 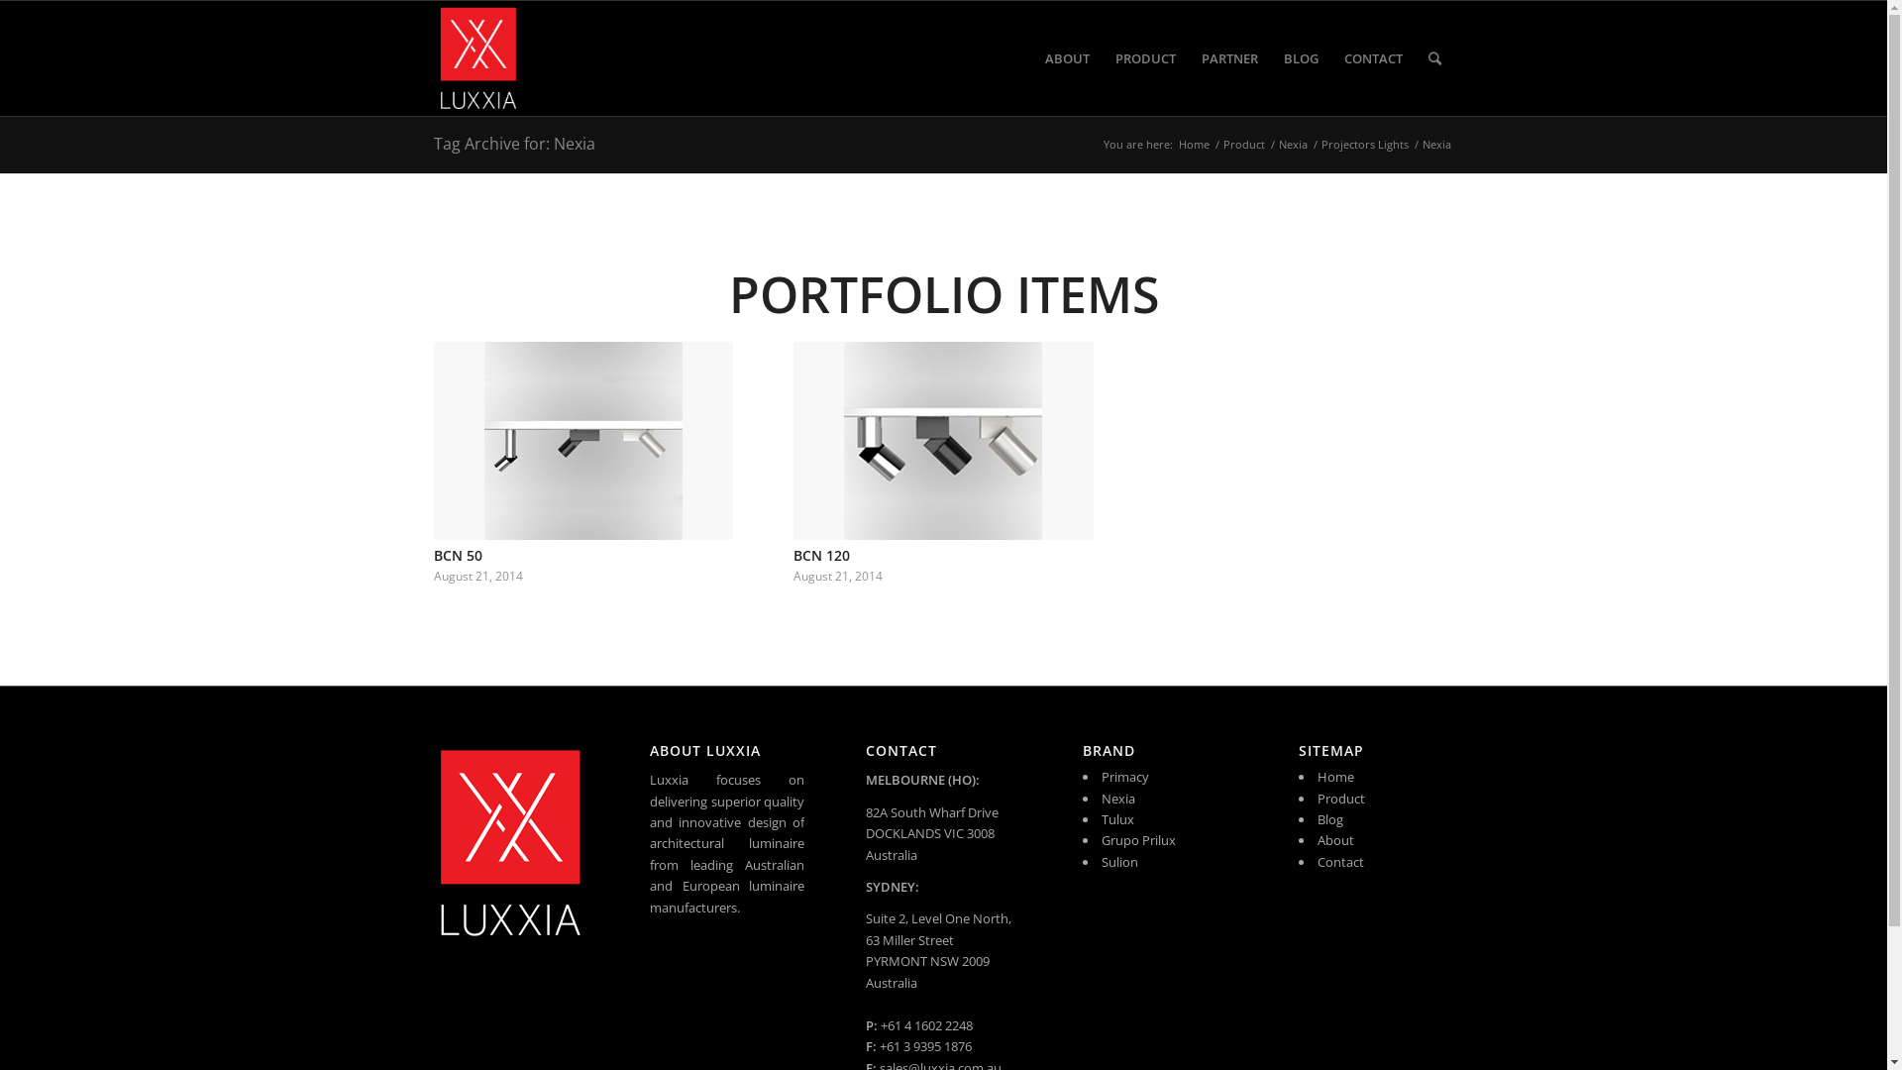 What do you see at coordinates (1138, 840) in the screenshot?
I see `'Grupo Prilux'` at bounding box center [1138, 840].